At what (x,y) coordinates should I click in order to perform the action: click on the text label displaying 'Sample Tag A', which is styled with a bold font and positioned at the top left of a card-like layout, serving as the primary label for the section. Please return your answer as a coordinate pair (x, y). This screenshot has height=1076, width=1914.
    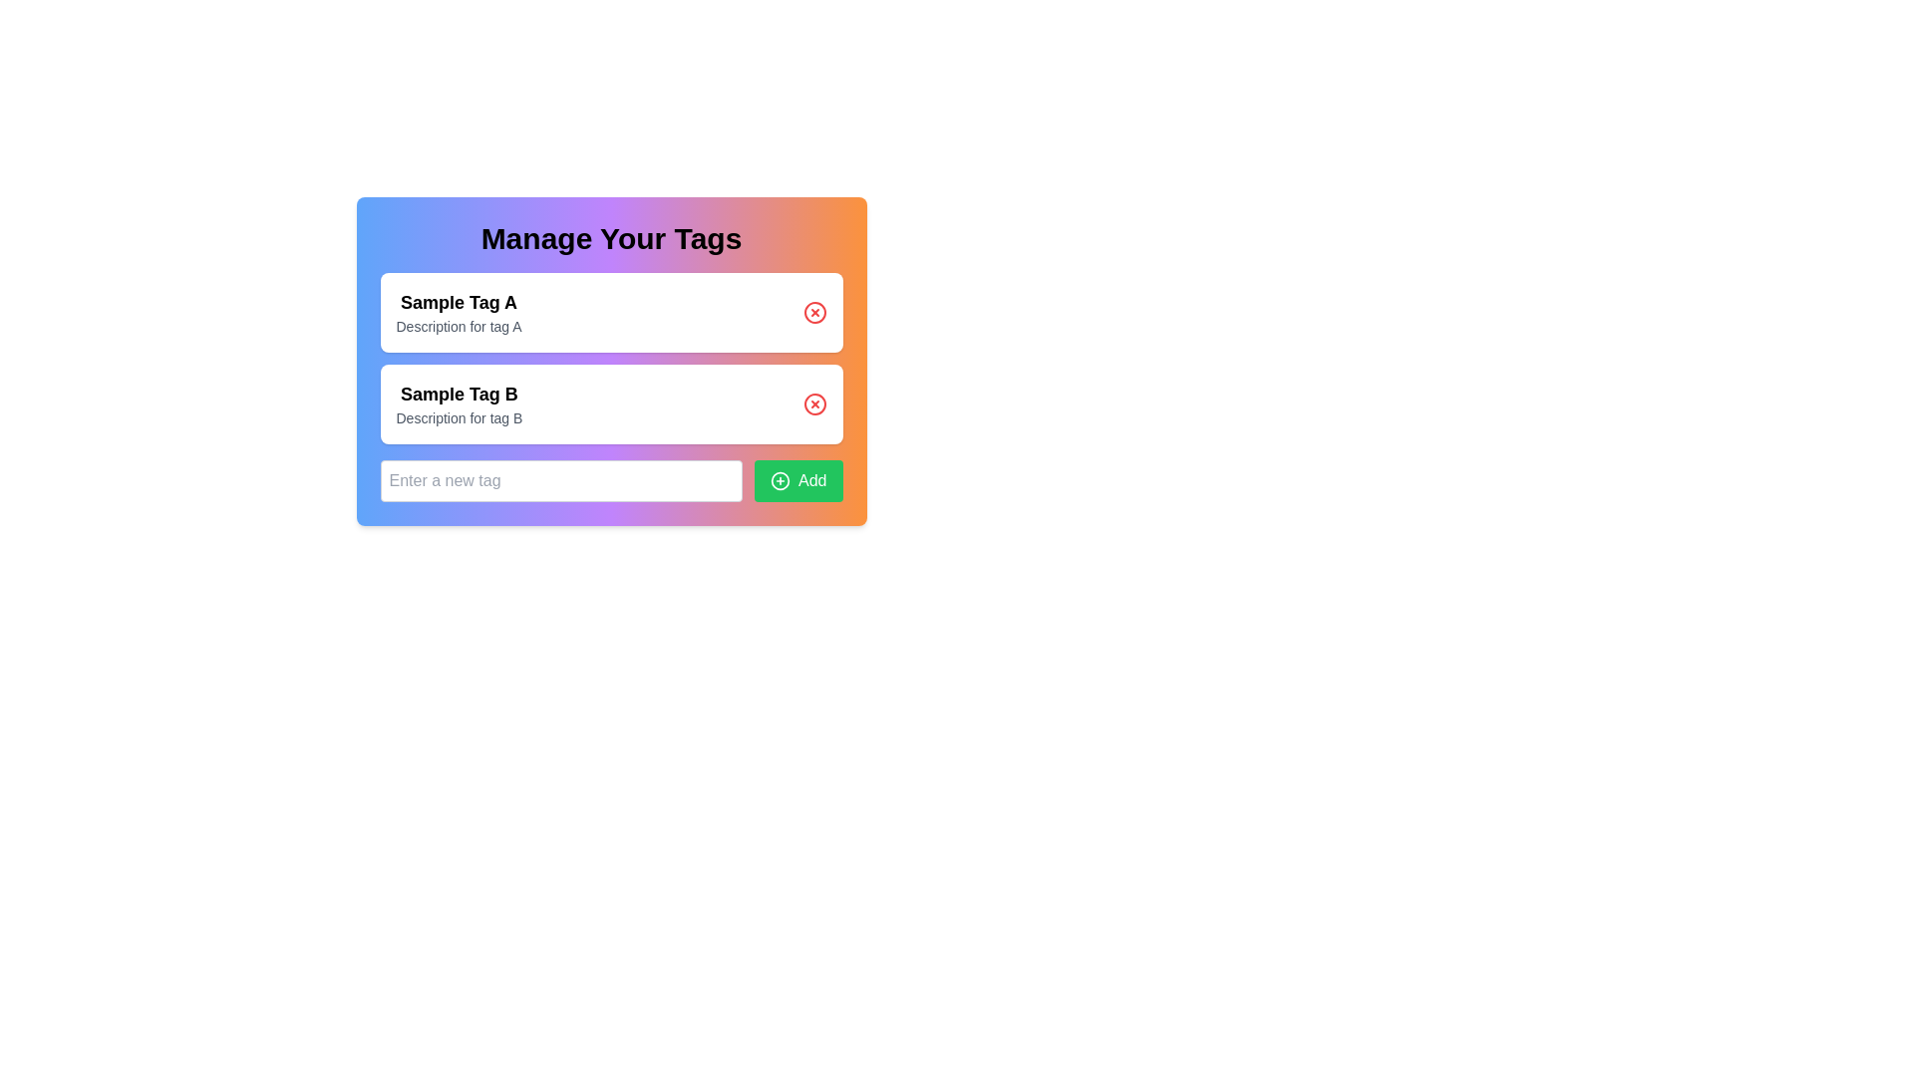
    Looking at the image, I should click on (458, 303).